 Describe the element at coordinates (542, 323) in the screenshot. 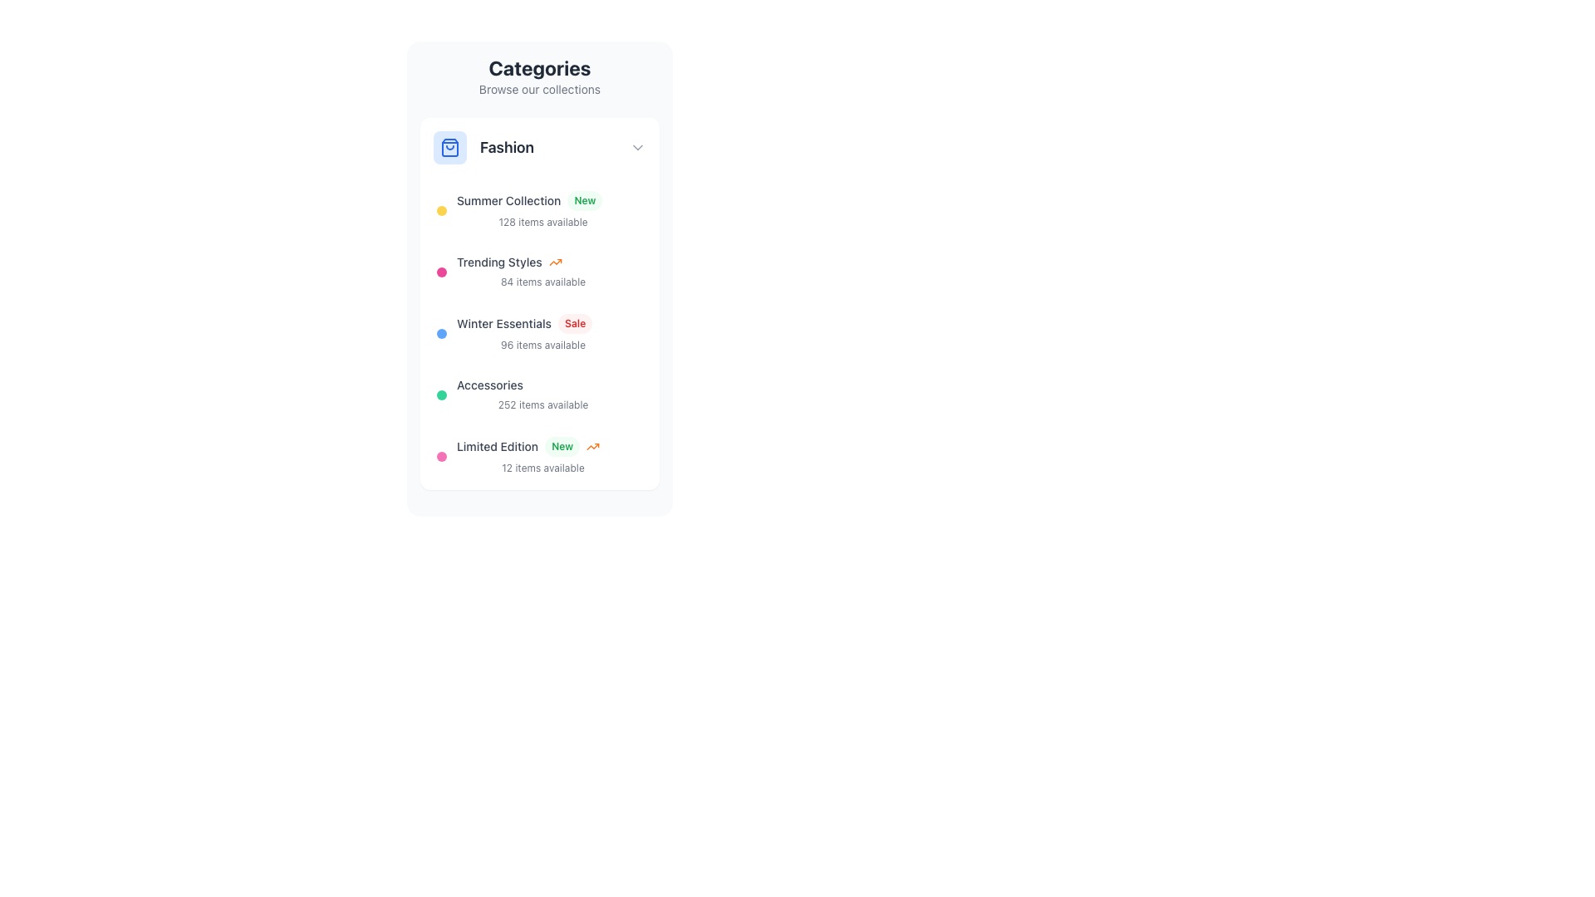

I see `displayed text from the Text Label with Badge that shows 'Winter Essentials' and 'Sale' in the sidebar under 'Fashion', positioned between 'Trending Styles' and 'Accessories'` at that location.